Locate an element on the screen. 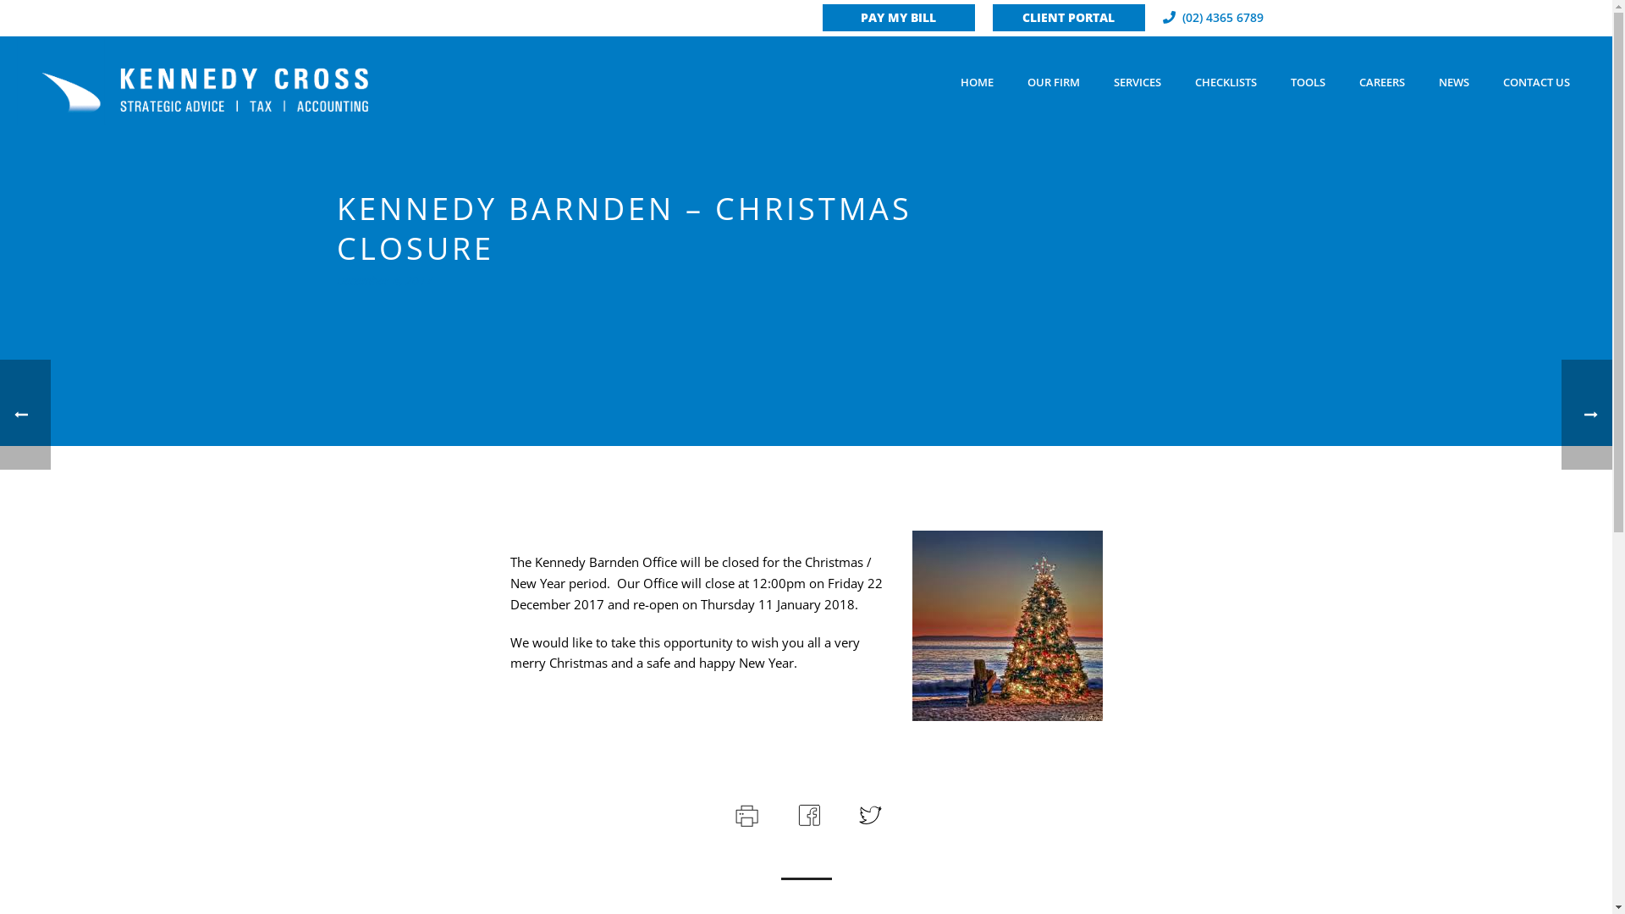 This screenshot has height=914, width=1625. 'SERVICES' is located at coordinates (1137, 81).